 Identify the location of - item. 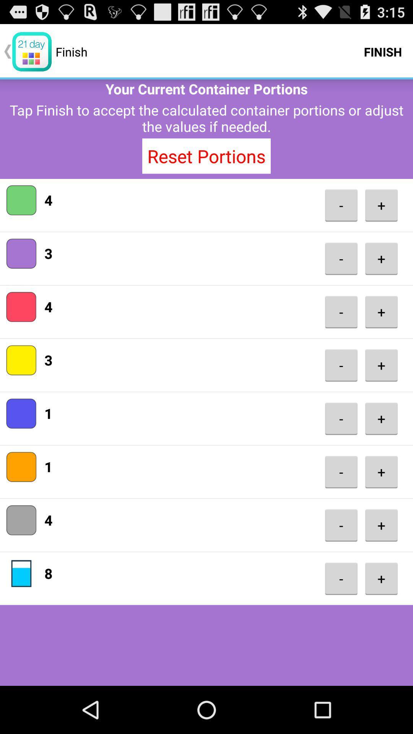
(341, 578).